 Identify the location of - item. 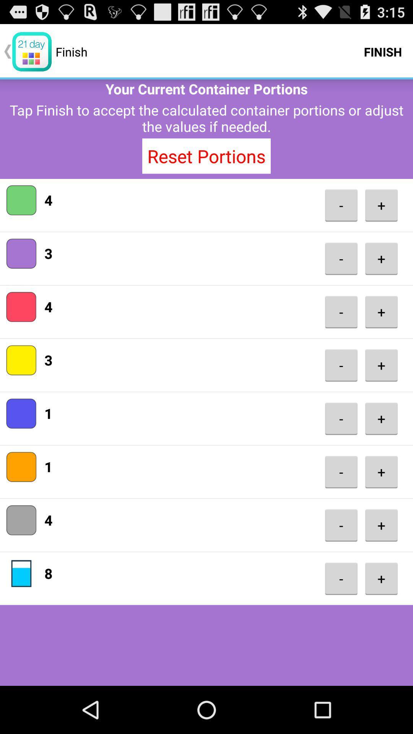
(341, 578).